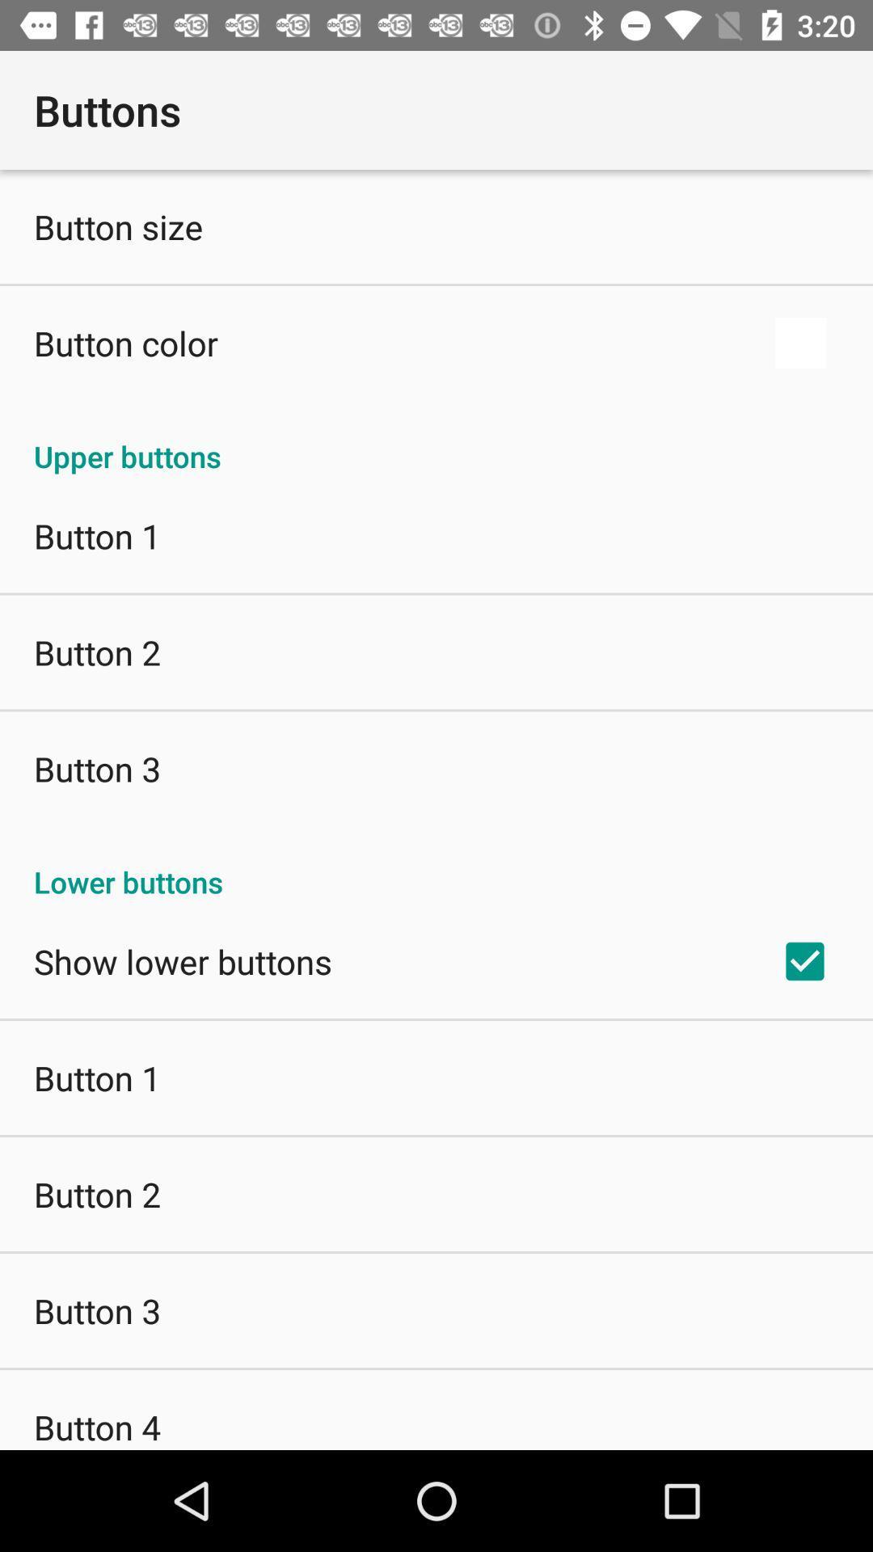 This screenshot has height=1552, width=873. What do you see at coordinates (124, 342) in the screenshot?
I see `the item above upper buttons icon` at bounding box center [124, 342].